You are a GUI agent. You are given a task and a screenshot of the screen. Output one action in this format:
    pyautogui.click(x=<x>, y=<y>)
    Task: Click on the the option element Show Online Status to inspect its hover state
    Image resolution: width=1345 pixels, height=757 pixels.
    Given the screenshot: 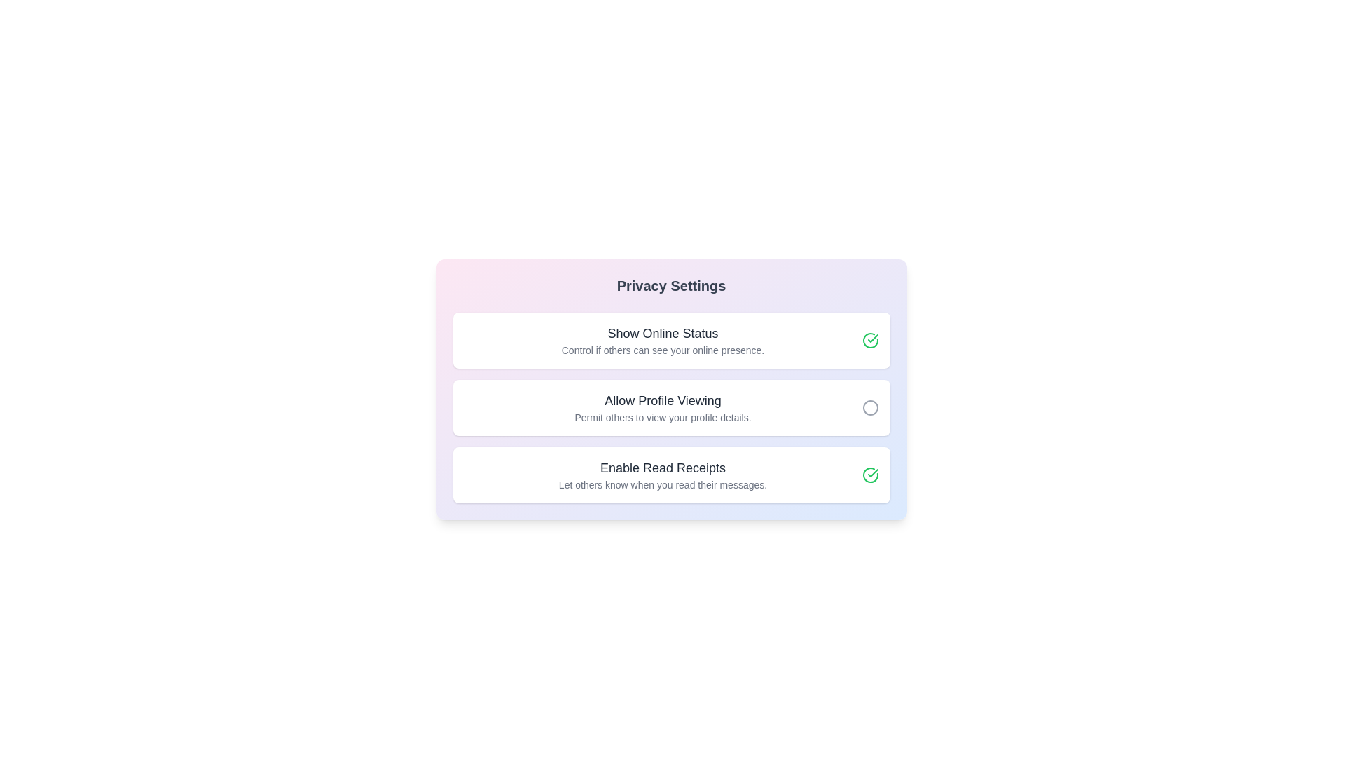 What is the action you would take?
    pyautogui.click(x=670, y=341)
    